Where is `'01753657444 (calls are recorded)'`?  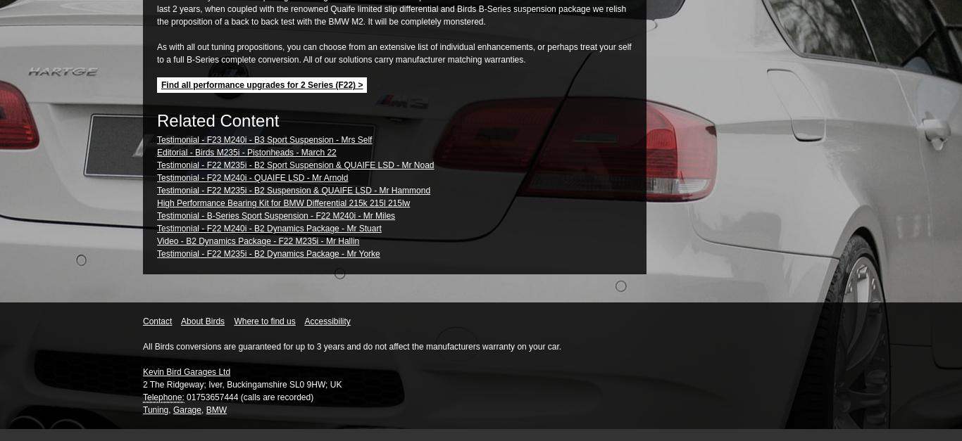 '01753657444 (calls are recorded)' is located at coordinates (247, 397).